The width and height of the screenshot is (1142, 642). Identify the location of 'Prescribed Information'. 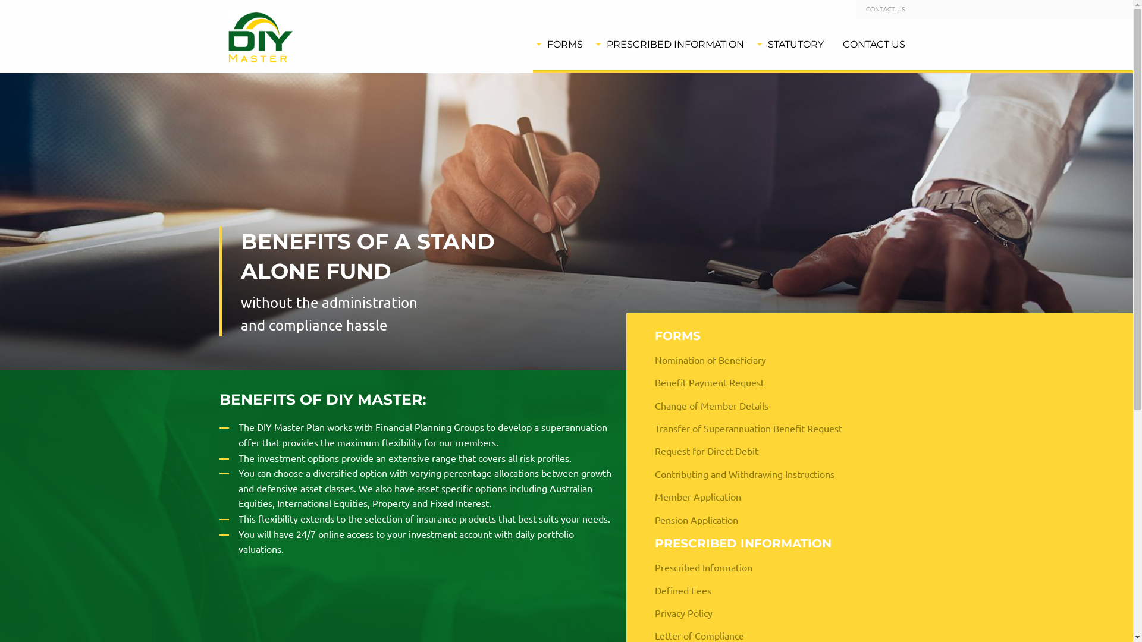
(644, 566).